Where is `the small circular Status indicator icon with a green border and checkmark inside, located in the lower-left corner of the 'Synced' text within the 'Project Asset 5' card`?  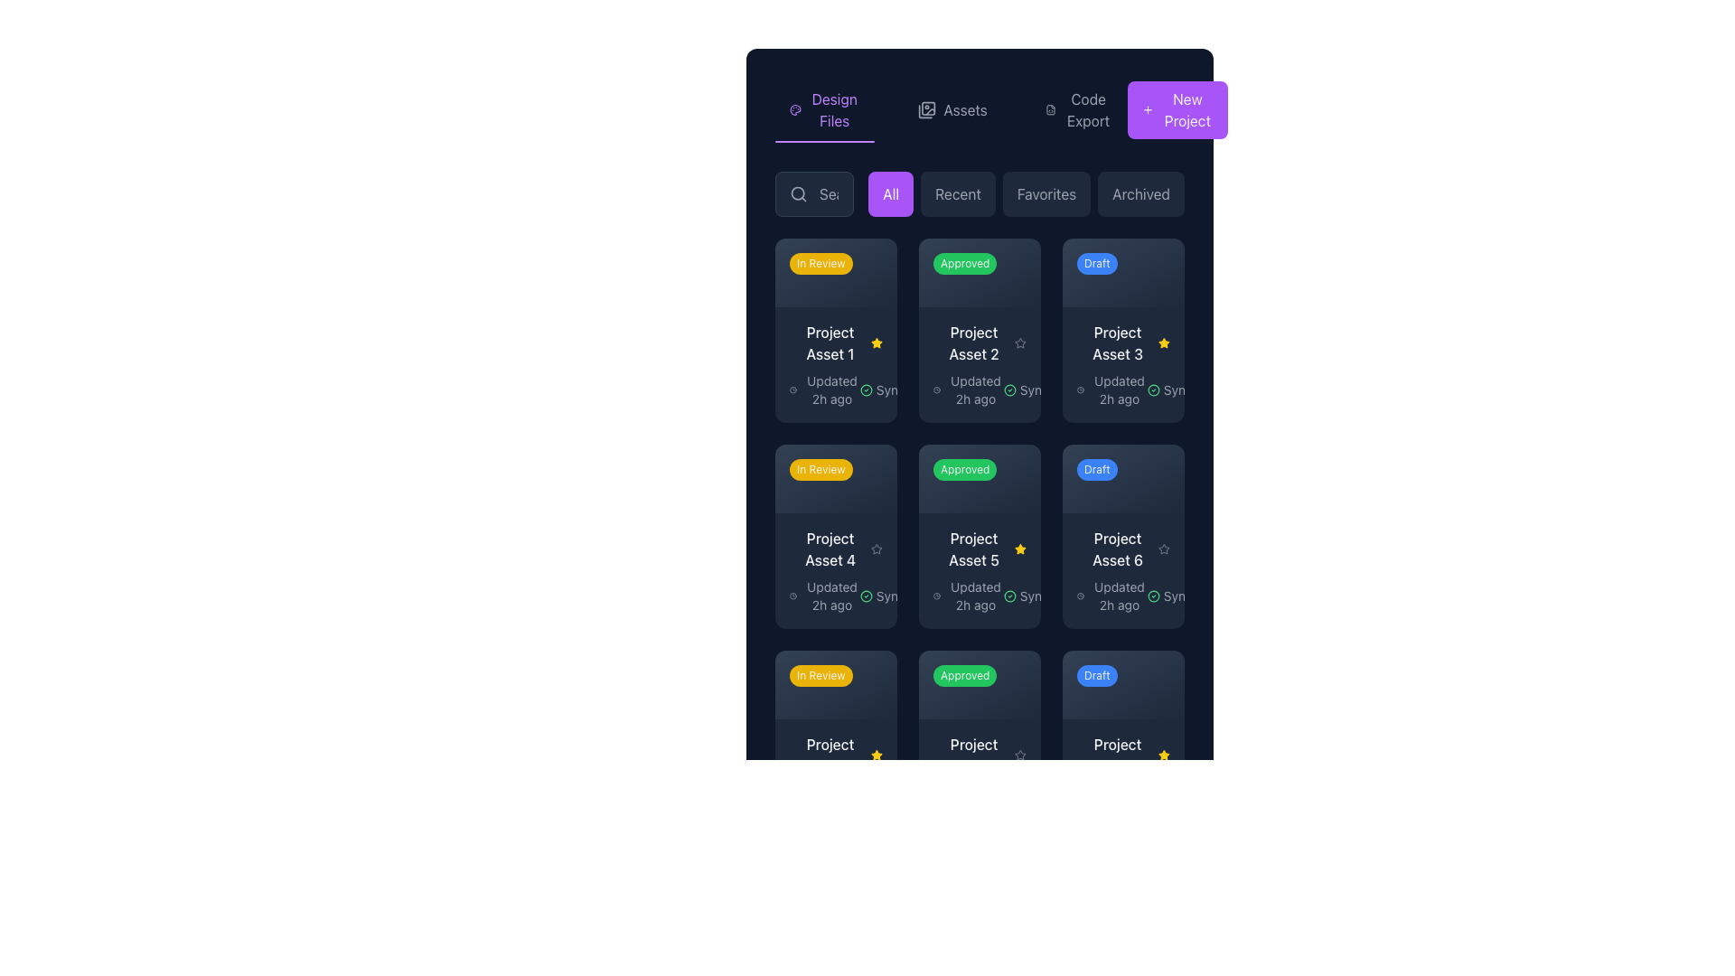
the small circular Status indicator icon with a green border and checkmark inside, located in the lower-left corner of the 'Synced' text within the 'Project Asset 5' card is located at coordinates (1008, 596).